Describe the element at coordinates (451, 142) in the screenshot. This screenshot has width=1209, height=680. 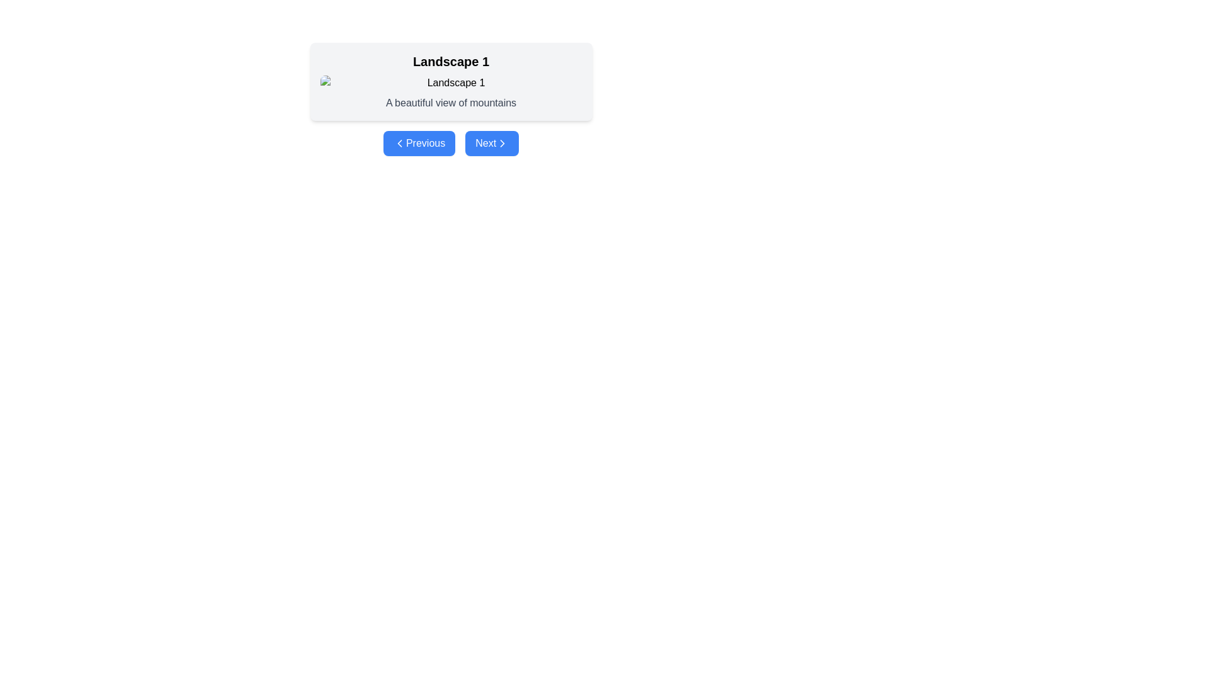
I see `the 'Previous' button in the Navigation buttons group, which consists of two blue rectangular buttons labeled 'Previous' and 'Next', positioned below the card displaying 'Landscape 1'` at that location.